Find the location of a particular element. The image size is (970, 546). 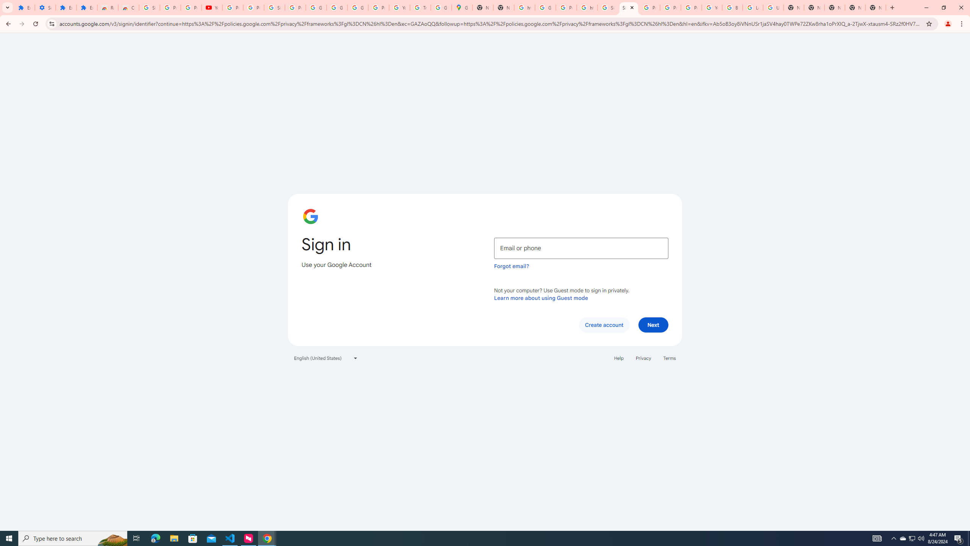

'English (United States)' is located at coordinates (326, 357).